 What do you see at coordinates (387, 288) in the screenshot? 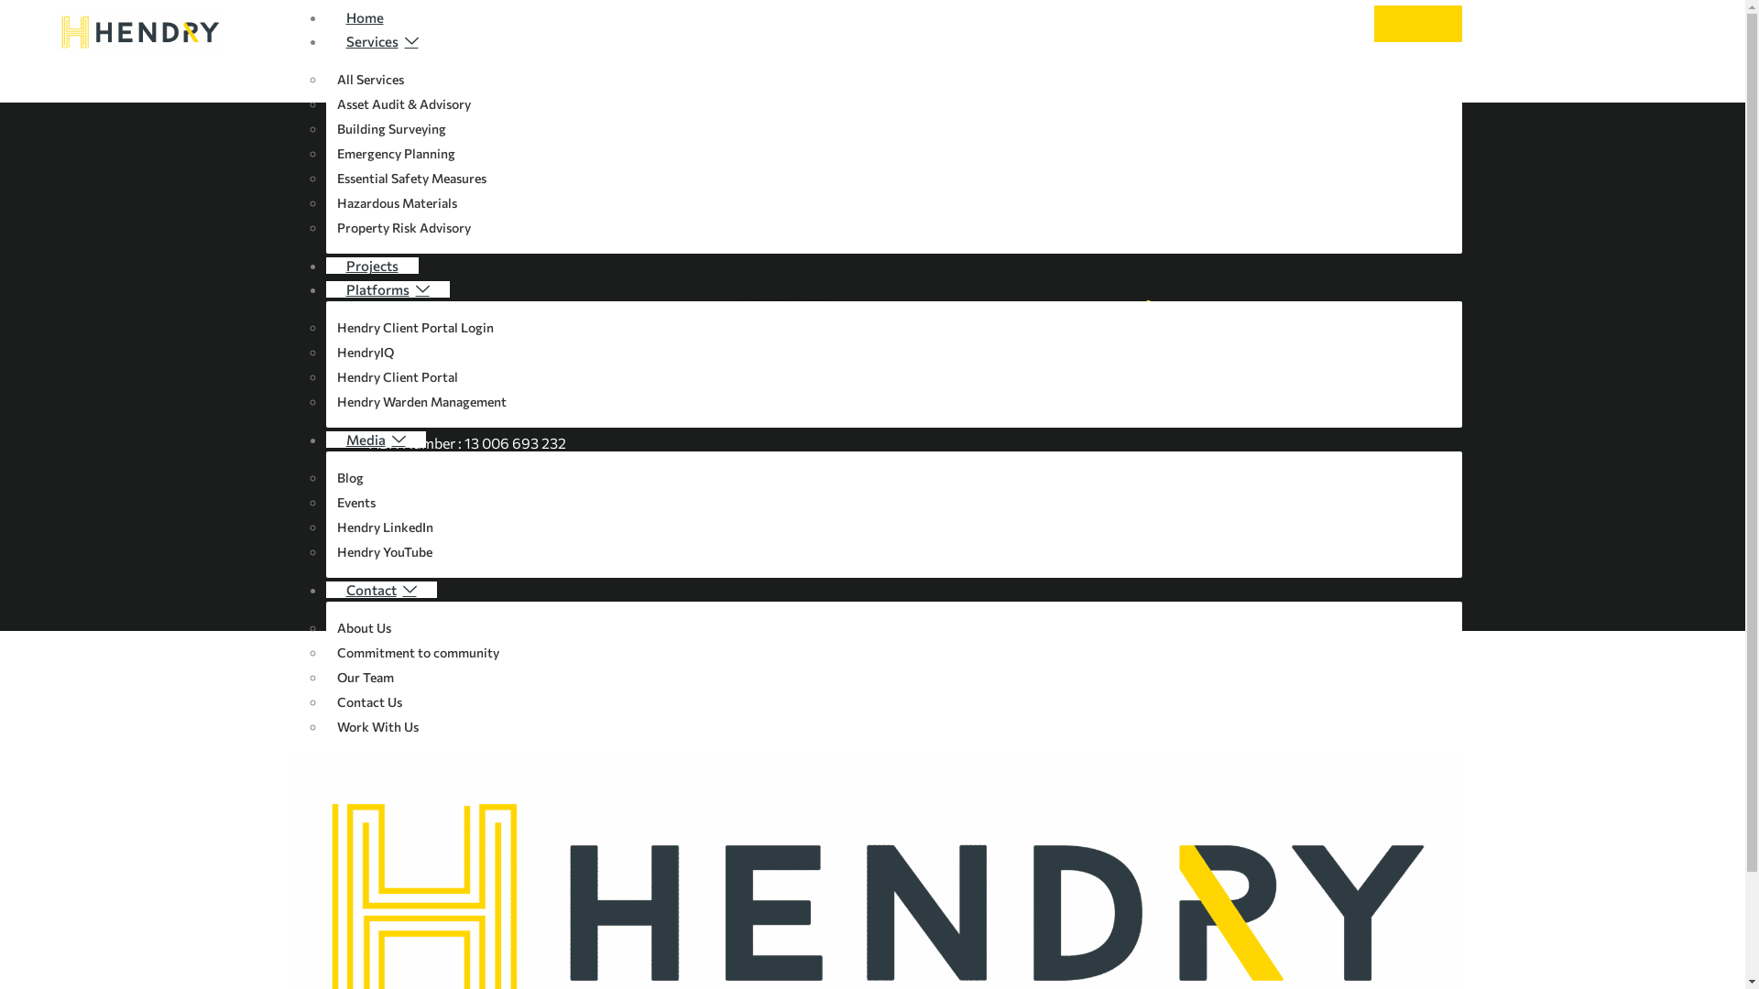
I see `'Platforms'` at bounding box center [387, 288].